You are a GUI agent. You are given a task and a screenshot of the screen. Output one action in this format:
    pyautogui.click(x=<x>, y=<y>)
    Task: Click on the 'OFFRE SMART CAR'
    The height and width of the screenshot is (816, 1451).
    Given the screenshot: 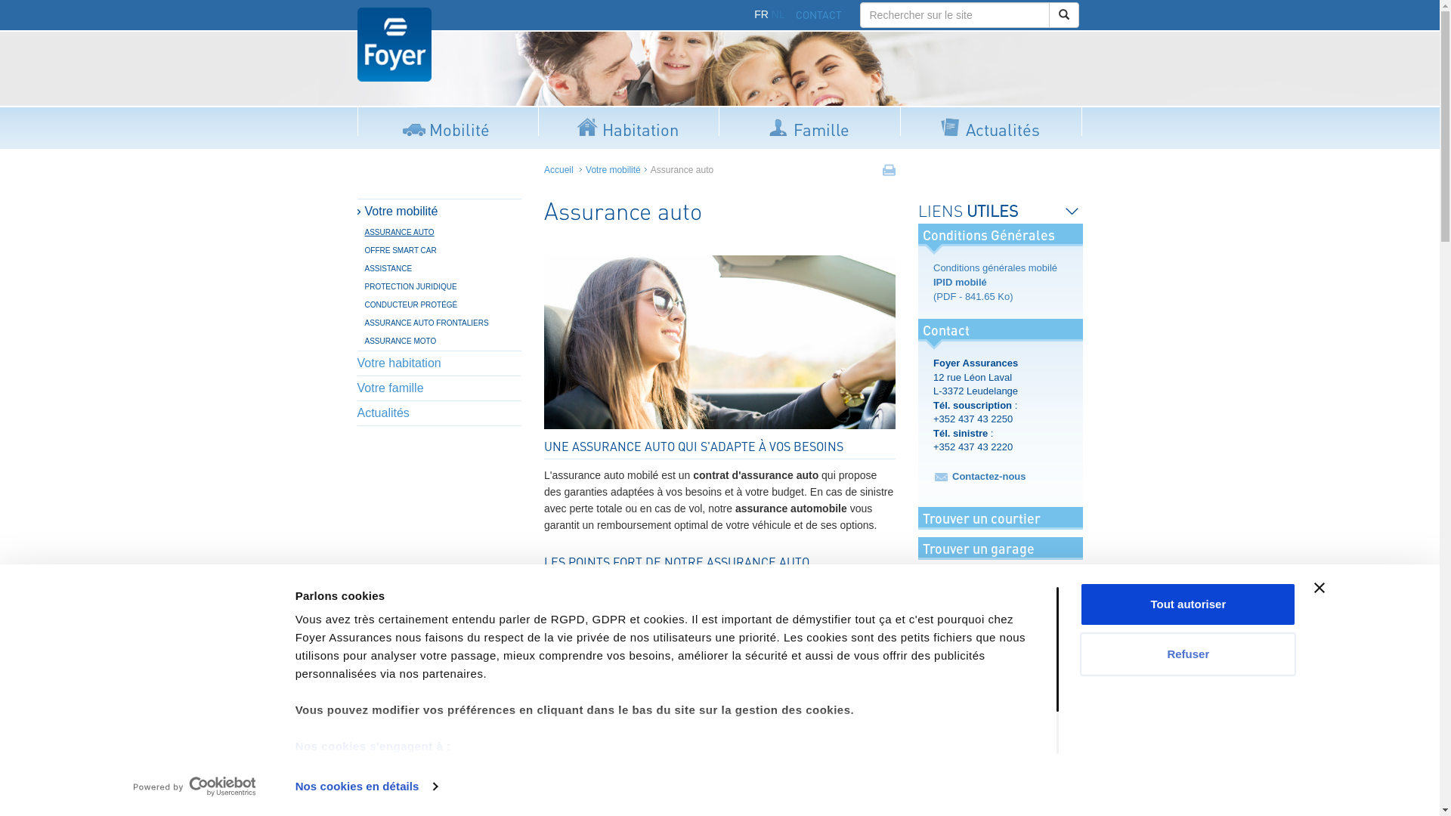 What is the action you would take?
    pyautogui.click(x=441, y=249)
    